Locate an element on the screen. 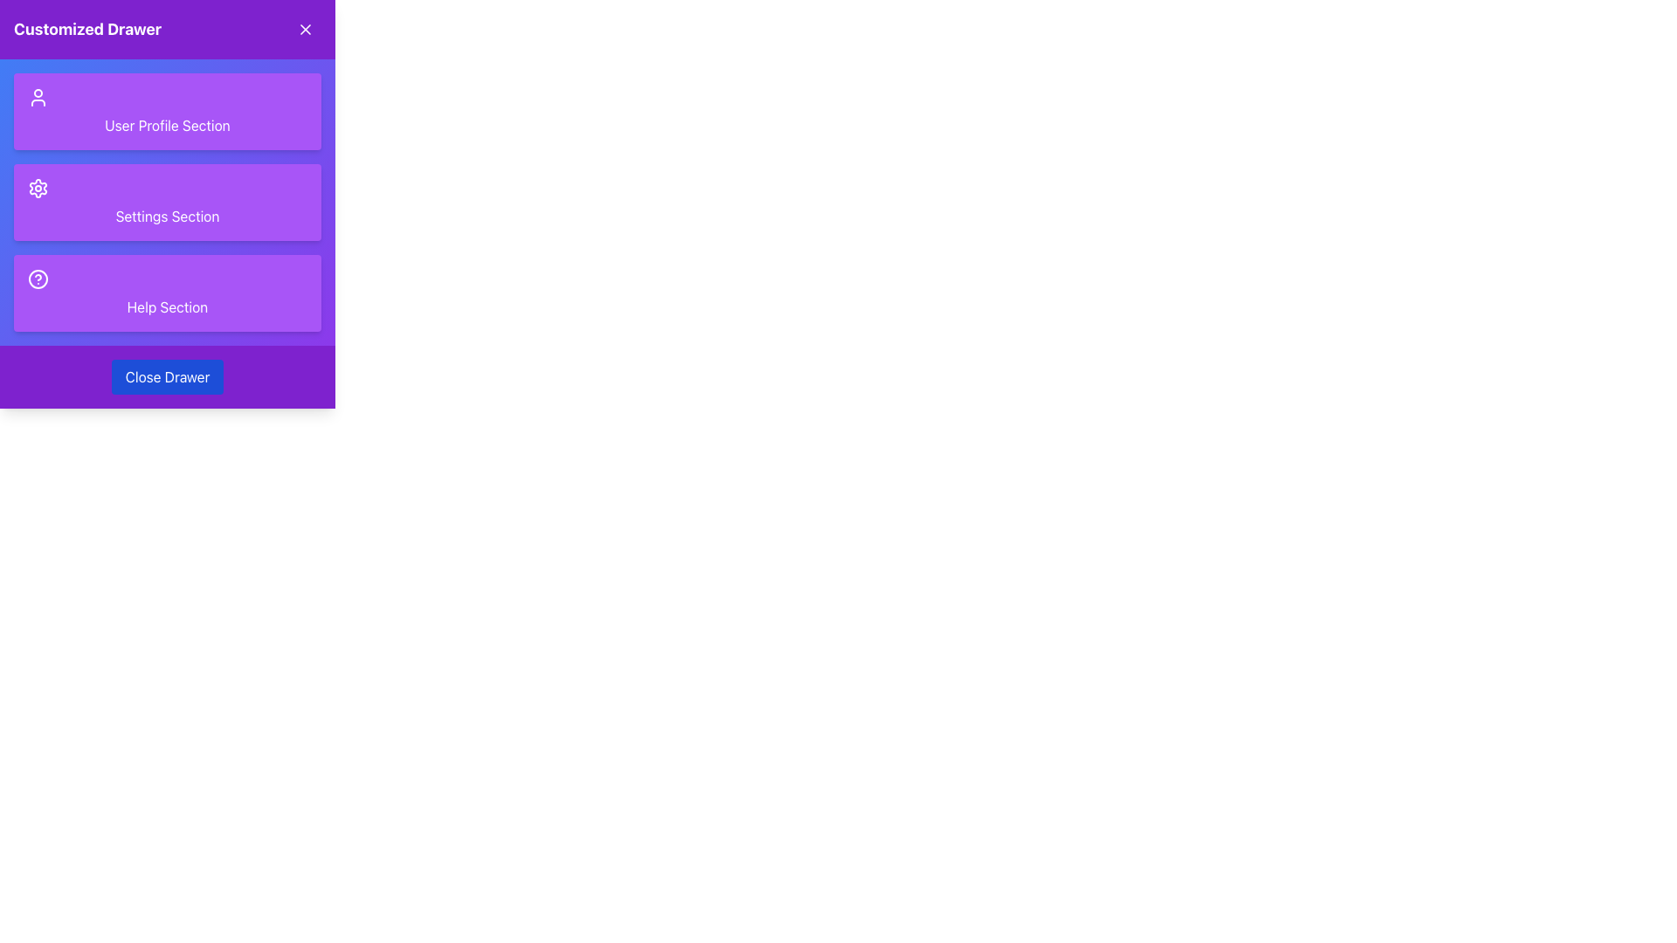 The width and height of the screenshot is (1677, 943). the configuration settings icon located at the top-left corner of the 'Settings Section' button is located at coordinates (38, 189).